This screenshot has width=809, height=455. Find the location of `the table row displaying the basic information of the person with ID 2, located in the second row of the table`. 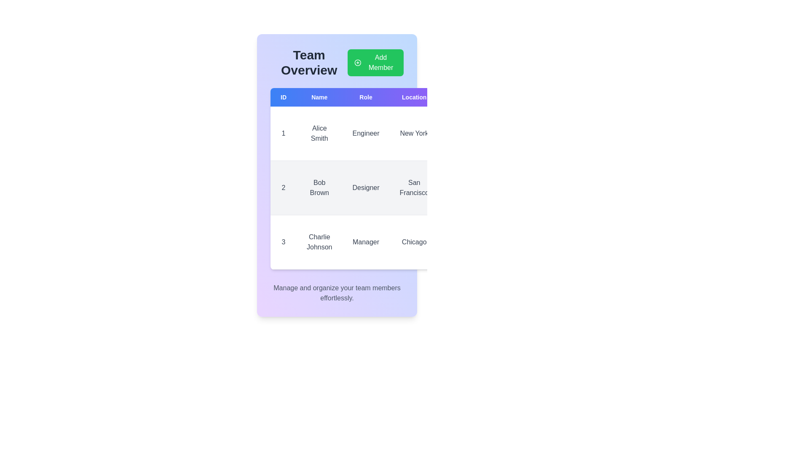

the table row displaying the basic information of the person with ID 2, located in the second row of the table is located at coordinates (375, 187).